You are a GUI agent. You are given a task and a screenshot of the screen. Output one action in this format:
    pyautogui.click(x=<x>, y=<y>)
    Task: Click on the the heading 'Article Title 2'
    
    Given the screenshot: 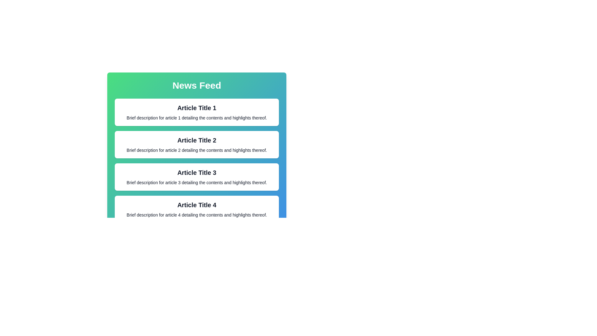 What is the action you would take?
    pyautogui.click(x=197, y=141)
    